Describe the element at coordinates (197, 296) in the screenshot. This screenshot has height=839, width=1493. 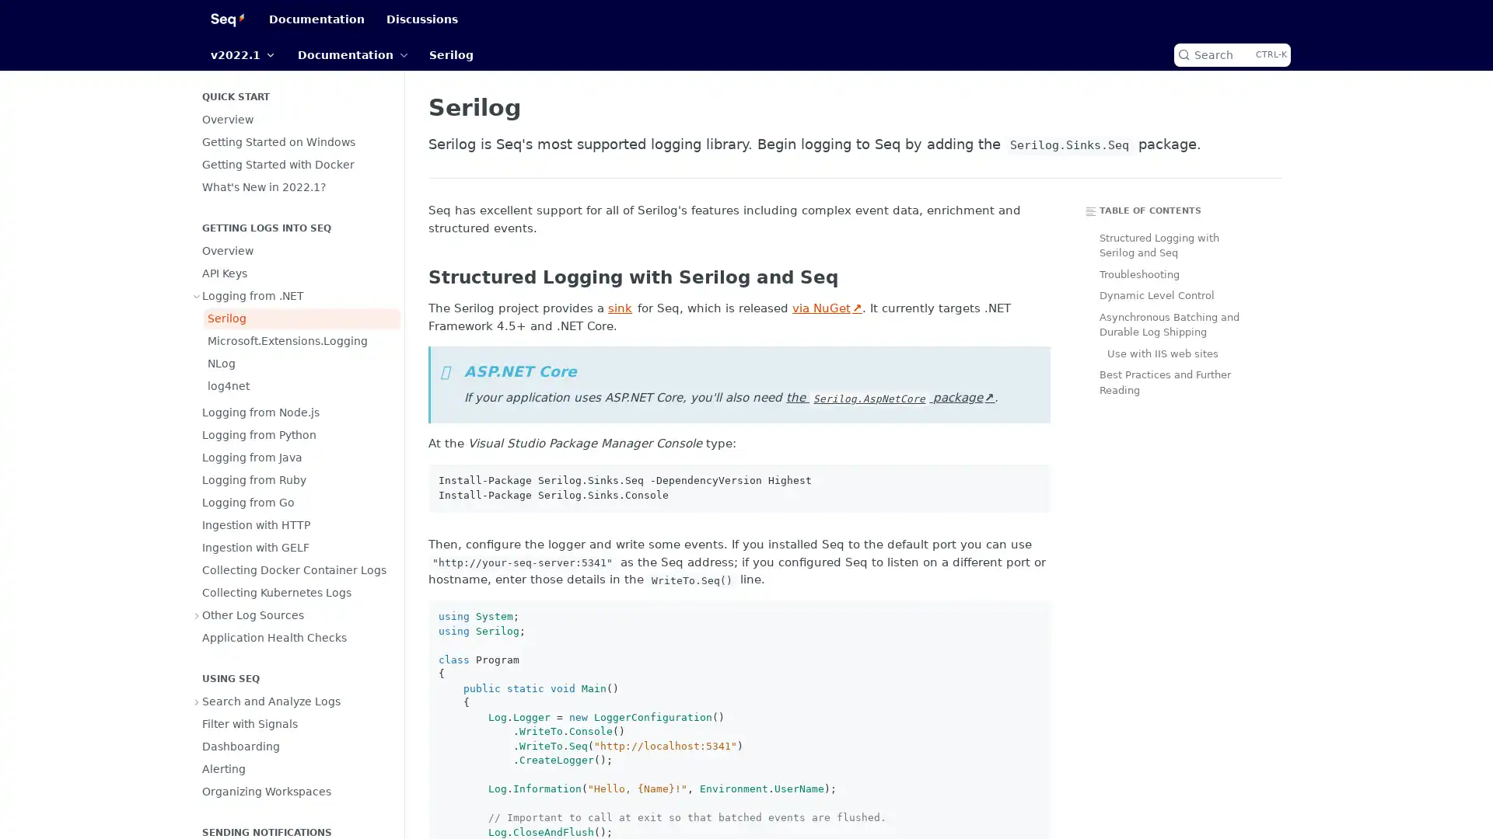
I see `Hide subpages for Logging from .NET` at that location.